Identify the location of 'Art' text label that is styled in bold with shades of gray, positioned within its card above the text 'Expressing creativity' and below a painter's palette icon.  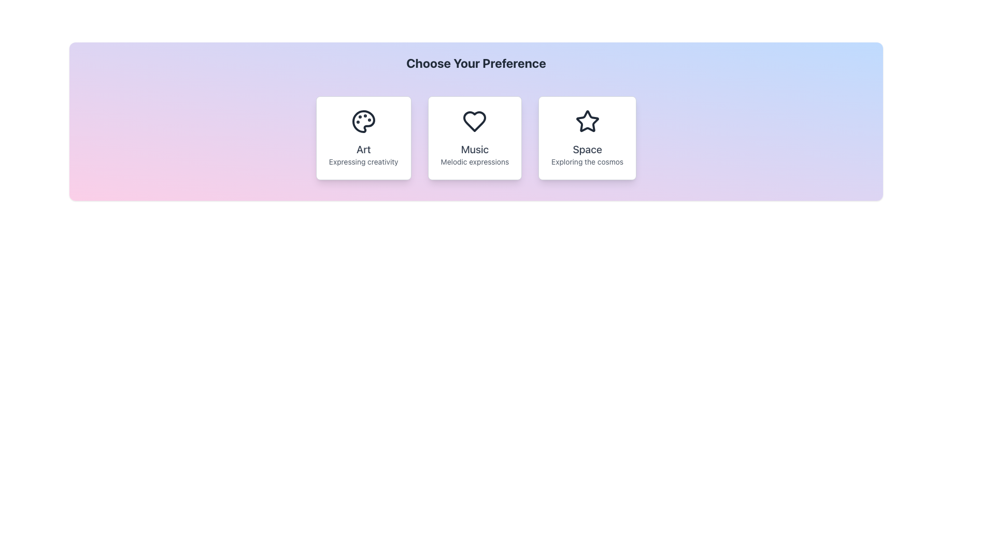
(363, 150).